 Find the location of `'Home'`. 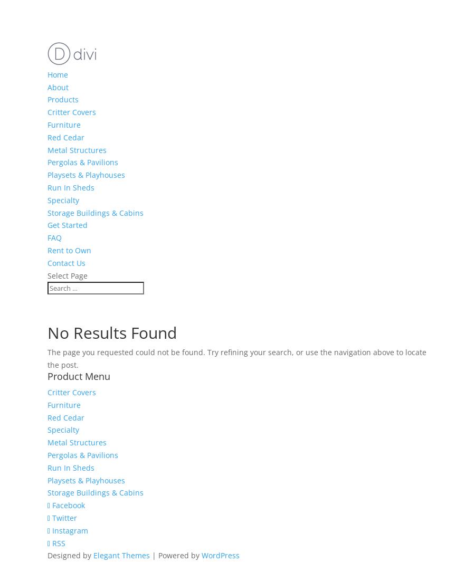

'Home' is located at coordinates (57, 73).